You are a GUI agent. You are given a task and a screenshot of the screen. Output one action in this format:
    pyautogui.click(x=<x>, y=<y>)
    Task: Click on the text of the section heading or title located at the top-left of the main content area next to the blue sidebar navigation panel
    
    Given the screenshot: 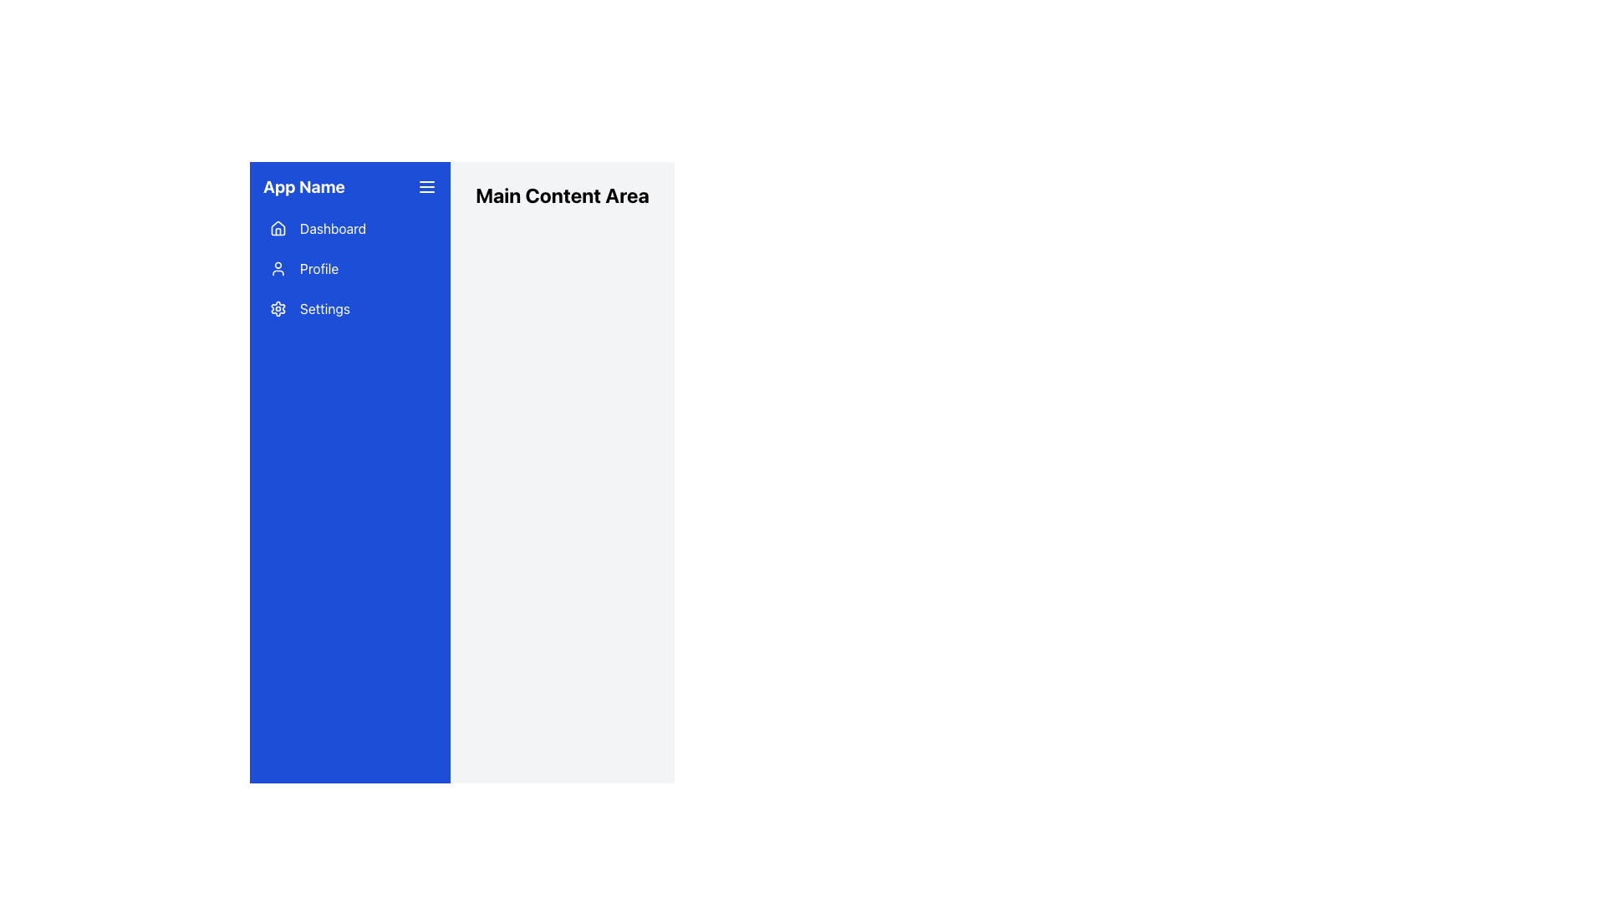 What is the action you would take?
    pyautogui.click(x=562, y=195)
    